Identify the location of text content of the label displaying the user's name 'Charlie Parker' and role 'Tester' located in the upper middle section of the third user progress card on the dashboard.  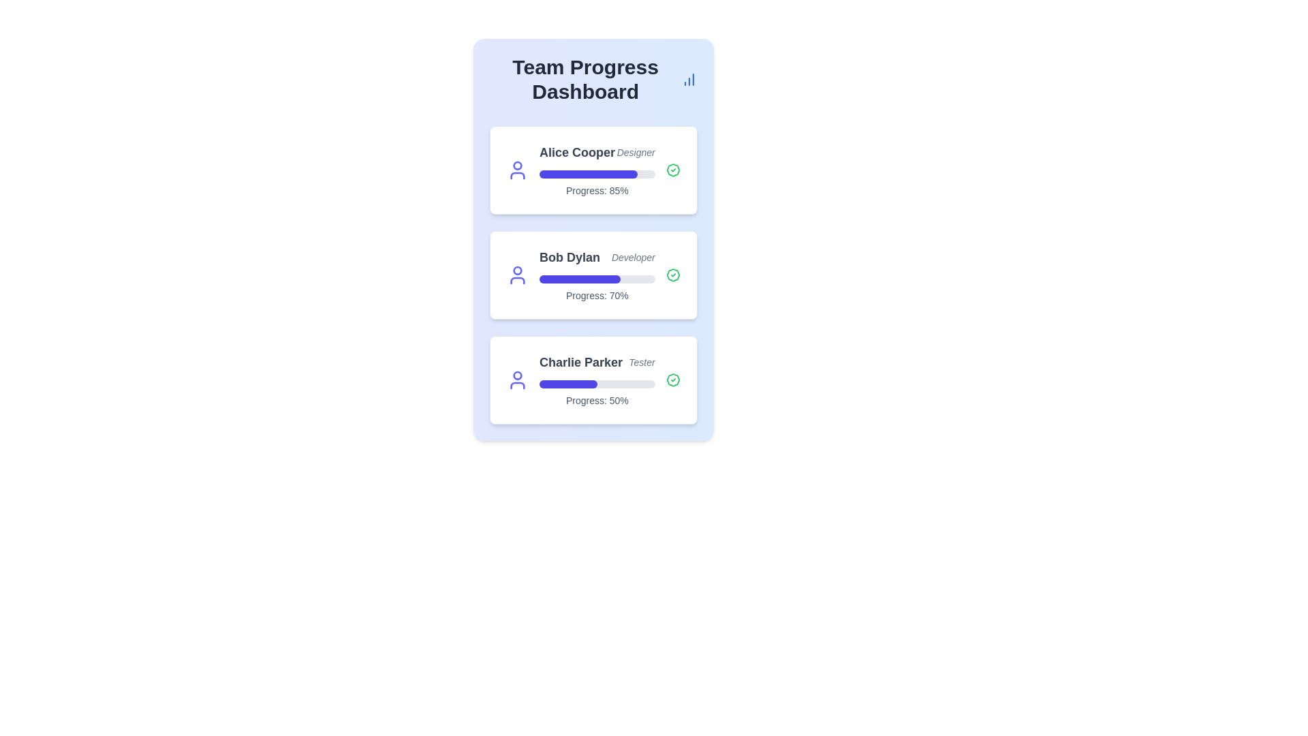
(597, 362).